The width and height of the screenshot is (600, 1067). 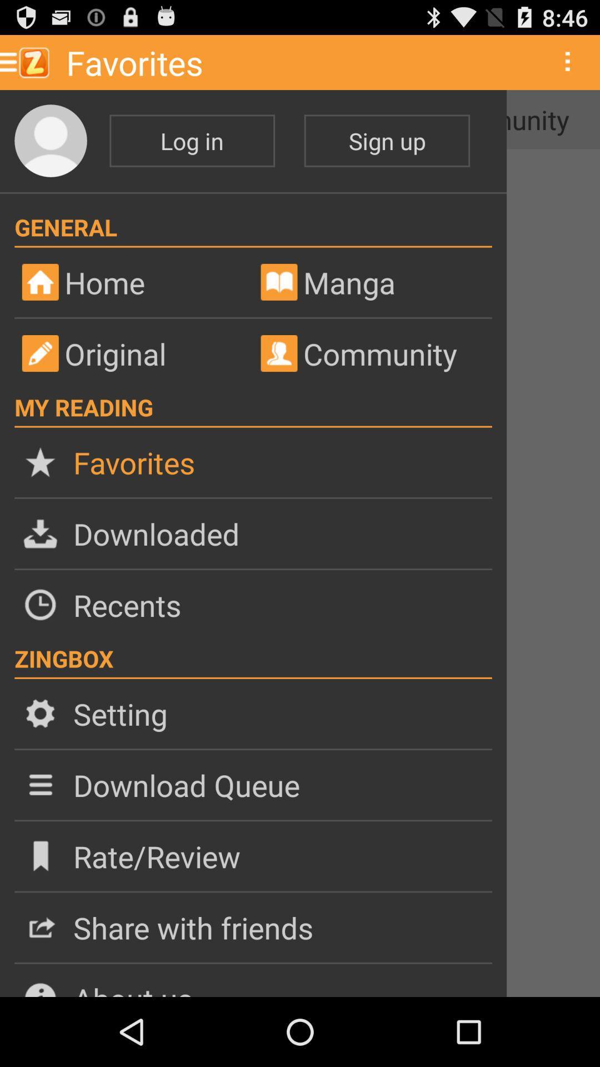 I want to click on manga, so click(x=373, y=282).